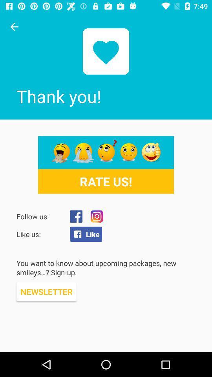 Image resolution: width=212 pixels, height=377 pixels. What do you see at coordinates (97, 216) in the screenshot?
I see `the photo icon` at bounding box center [97, 216].